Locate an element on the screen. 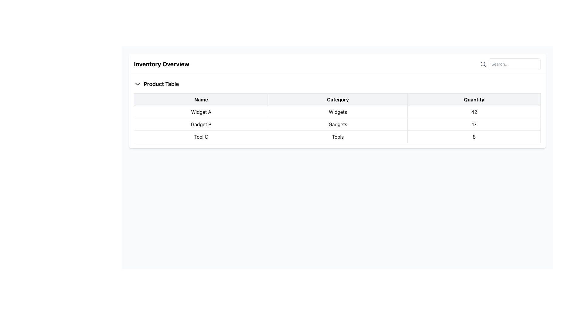 This screenshot has height=327, width=582. the first row of the product table is located at coordinates (337, 112).